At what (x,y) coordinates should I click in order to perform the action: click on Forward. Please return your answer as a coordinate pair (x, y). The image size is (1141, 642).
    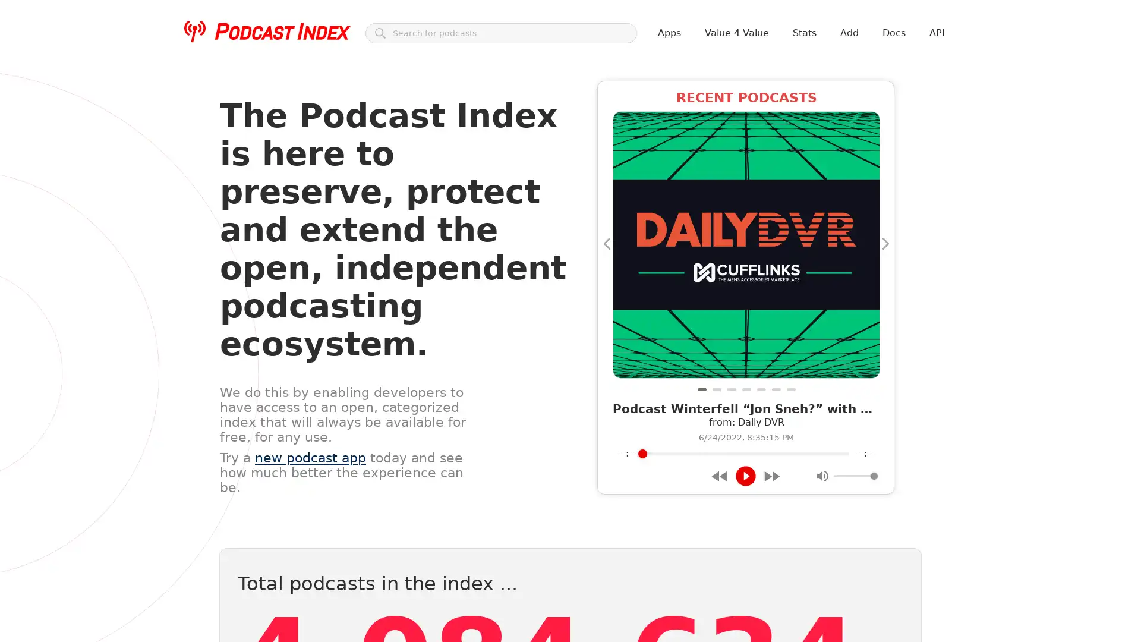
    Looking at the image, I should click on (771, 475).